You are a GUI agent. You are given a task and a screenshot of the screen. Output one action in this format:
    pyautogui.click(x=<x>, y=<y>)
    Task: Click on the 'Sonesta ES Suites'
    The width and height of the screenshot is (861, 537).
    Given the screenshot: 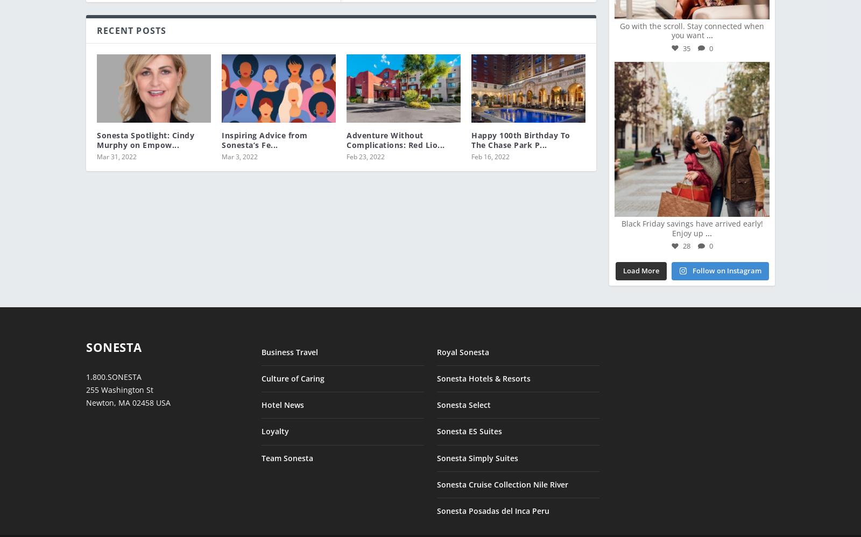 What is the action you would take?
    pyautogui.click(x=436, y=423)
    